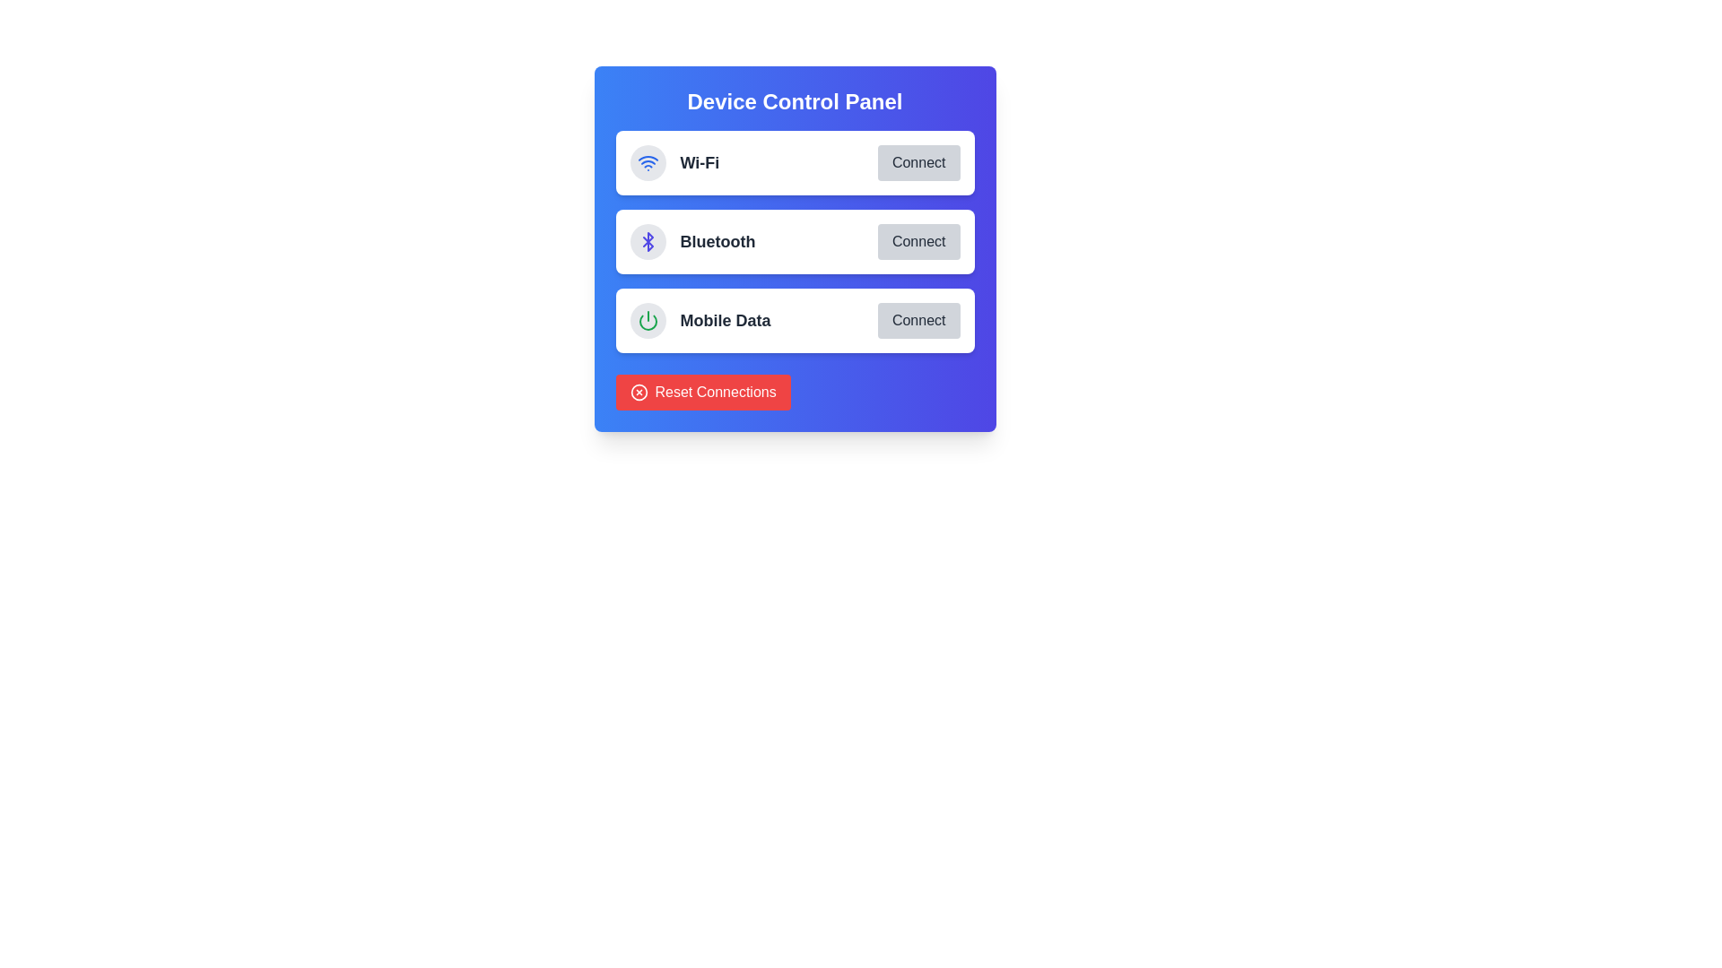 The image size is (1722, 968). Describe the element at coordinates (699, 162) in the screenshot. I see `the 'Wi-Fi' text label in the Device Control Panel, which indicates the Wi-Fi network option and is located to the right of the Wi-Fi icon` at that location.